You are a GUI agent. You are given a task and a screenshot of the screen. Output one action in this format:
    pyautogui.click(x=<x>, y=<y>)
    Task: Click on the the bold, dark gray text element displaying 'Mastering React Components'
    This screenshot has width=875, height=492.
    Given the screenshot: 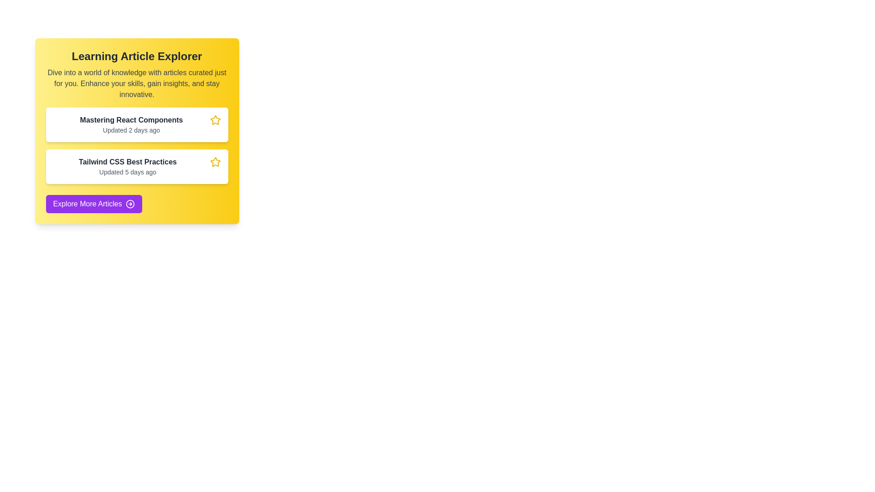 What is the action you would take?
    pyautogui.click(x=131, y=119)
    